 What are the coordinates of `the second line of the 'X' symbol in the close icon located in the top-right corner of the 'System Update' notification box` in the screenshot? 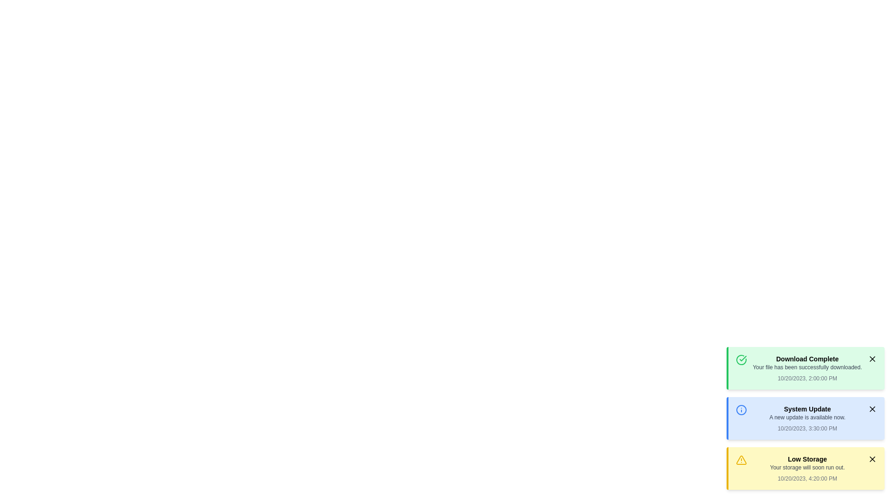 It's located at (872, 409).